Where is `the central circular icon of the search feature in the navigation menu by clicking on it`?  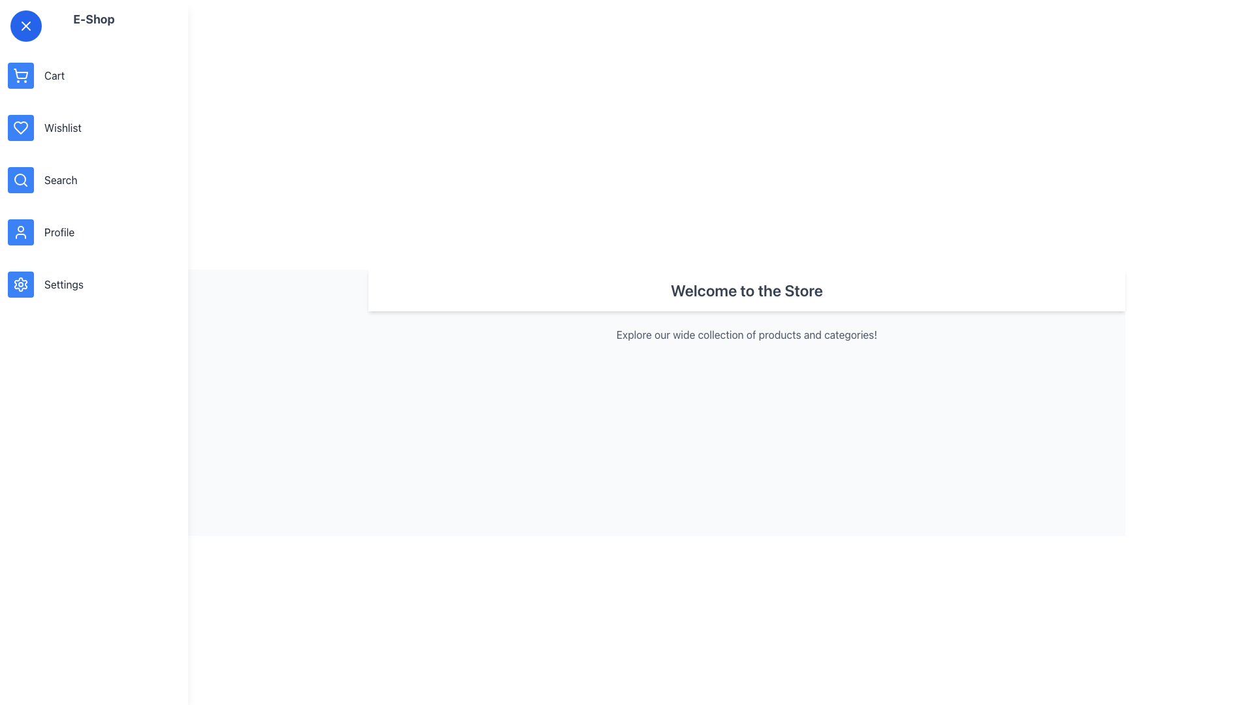 the central circular icon of the search feature in the navigation menu by clicking on it is located at coordinates (20, 179).